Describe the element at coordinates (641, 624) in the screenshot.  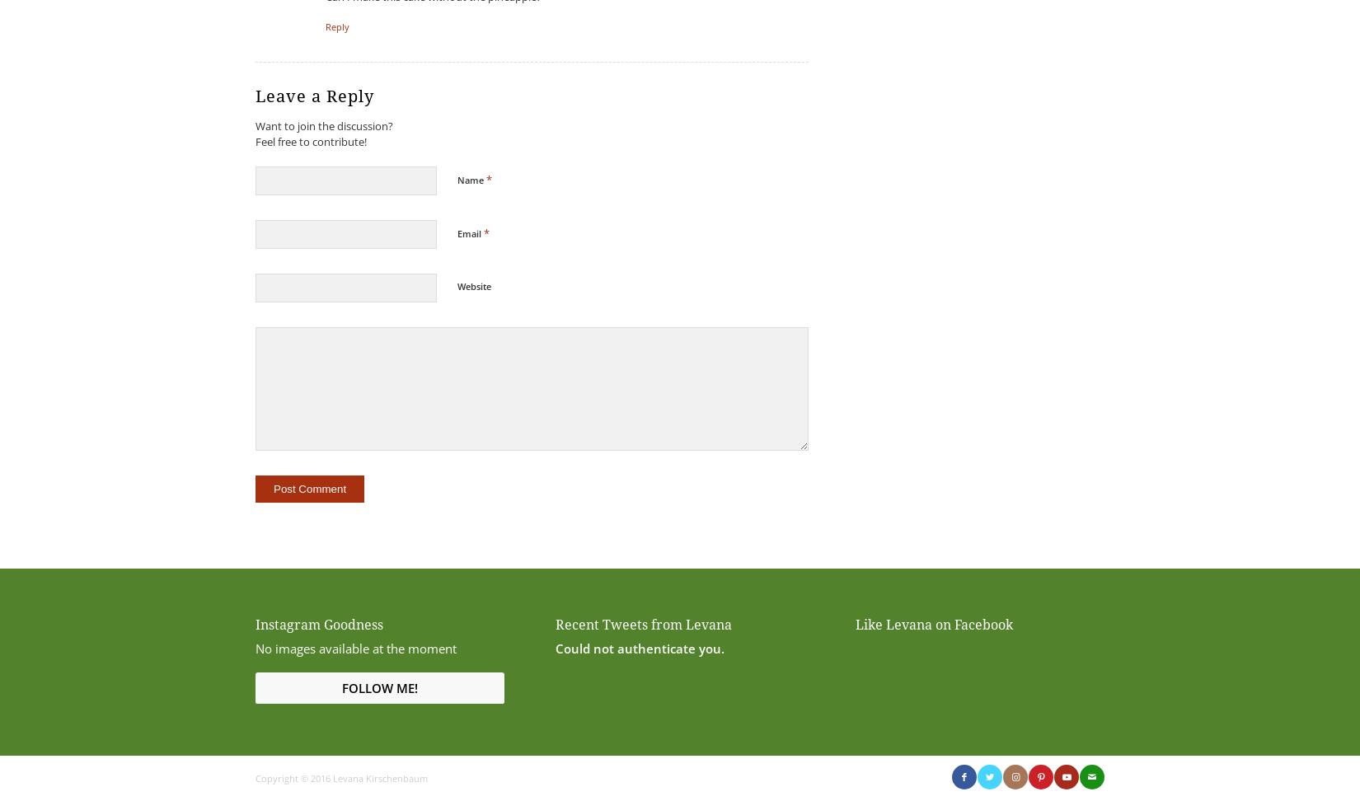
I see `'Recent Tweets from Levana'` at that location.